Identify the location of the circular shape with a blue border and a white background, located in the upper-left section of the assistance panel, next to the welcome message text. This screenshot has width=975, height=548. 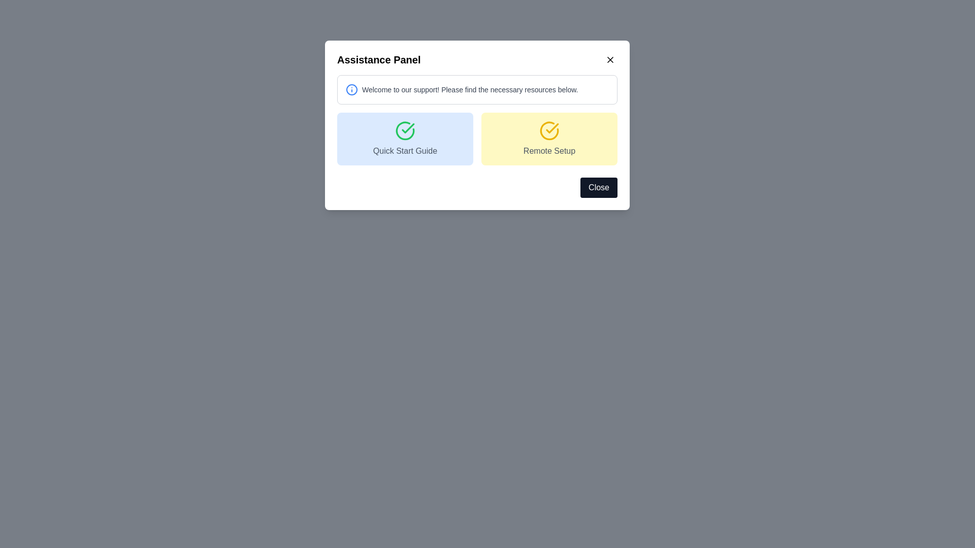
(351, 89).